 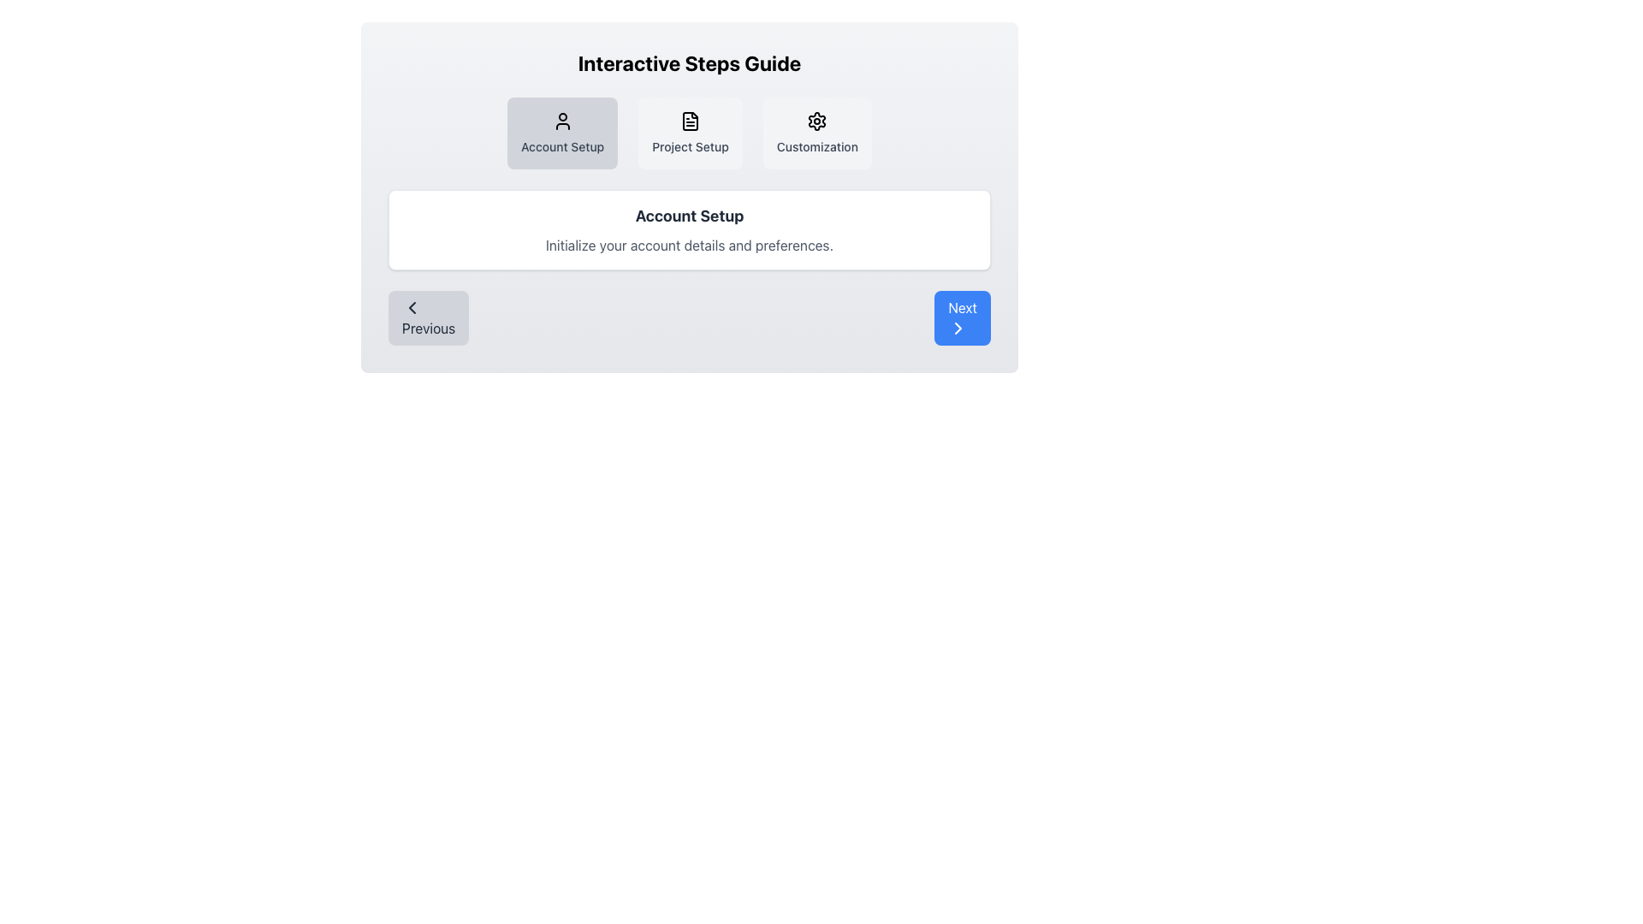 I want to click on the customization settings button located to the right of the 'Project Setup' button in the central area of the interface under the 'Interactive Steps Guide' heading, so click(x=816, y=132).